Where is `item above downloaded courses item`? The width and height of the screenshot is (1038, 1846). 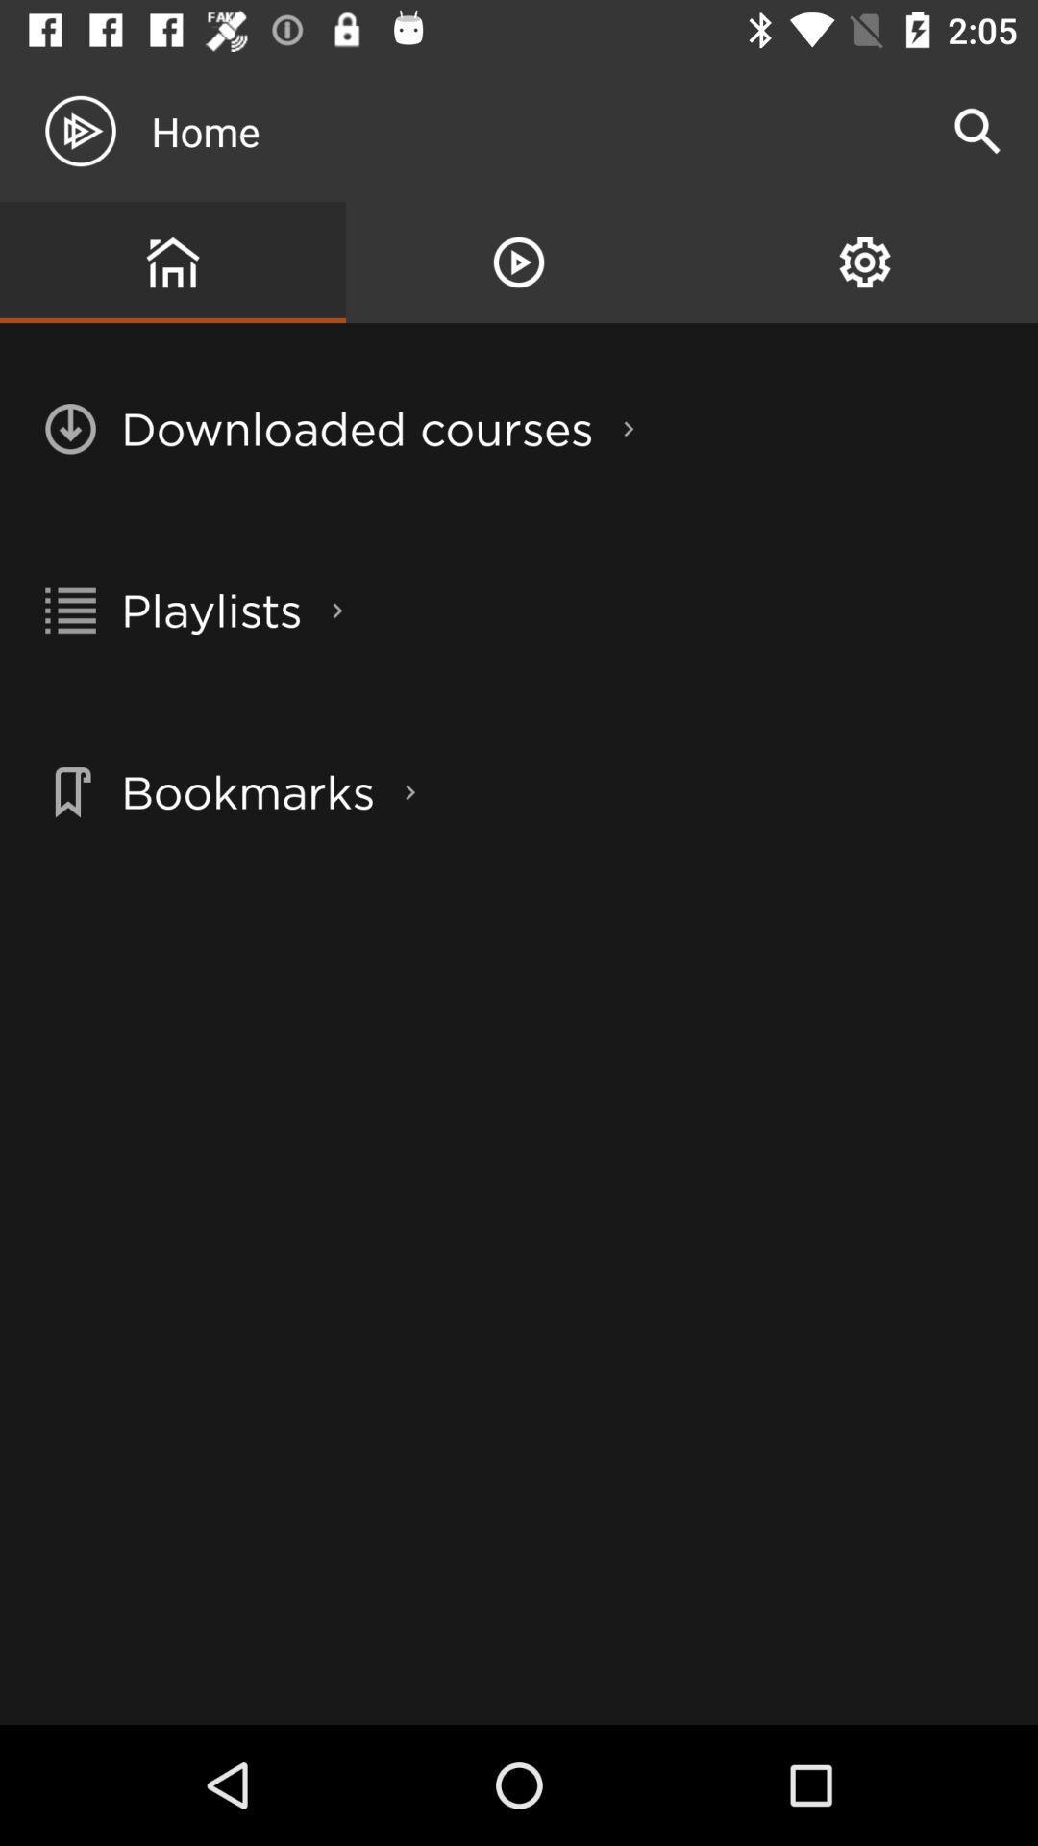
item above downloaded courses item is located at coordinates (519, 262).